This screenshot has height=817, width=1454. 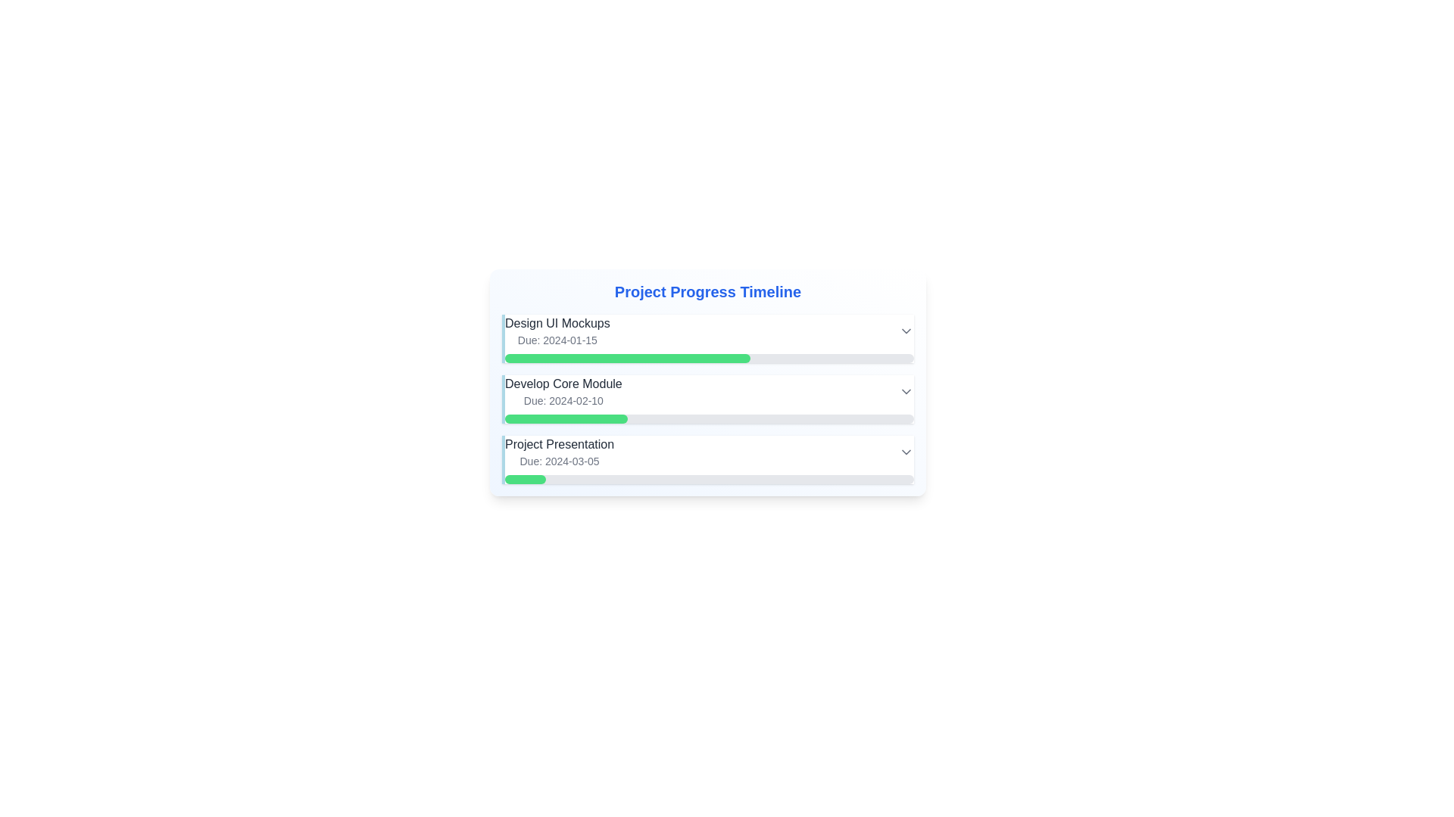 What do you see at coordinates (557, 340) in the screenshot?
I see `the Text Display showing 'Due: 2024-01-15' that is located directly below the title 'Design UI Mockups' in the project list` at bounding box center [557, 340].